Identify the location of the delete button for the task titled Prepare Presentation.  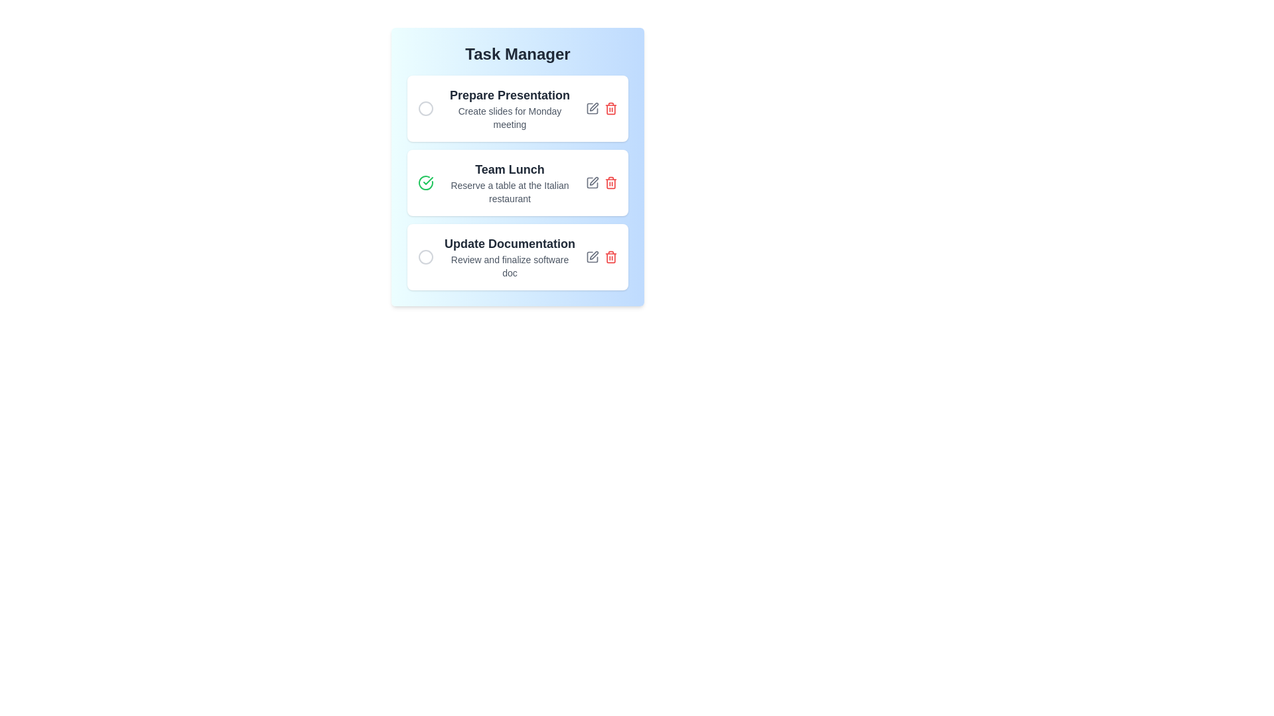
(610, 108).